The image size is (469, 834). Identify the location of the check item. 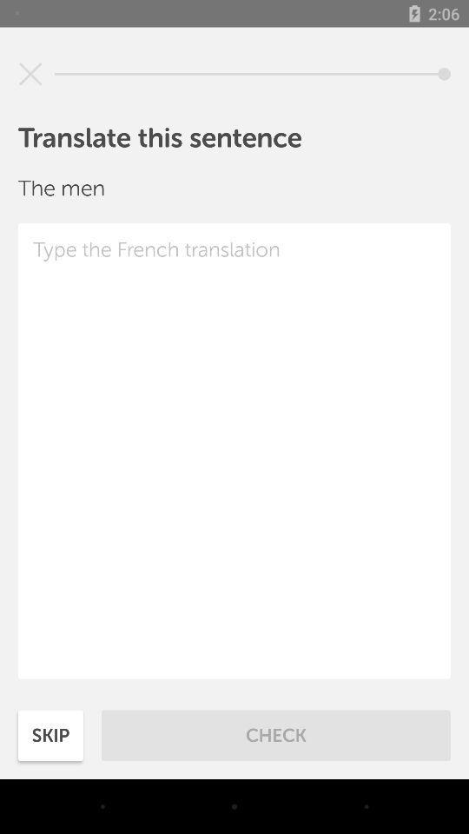
(276, 734).